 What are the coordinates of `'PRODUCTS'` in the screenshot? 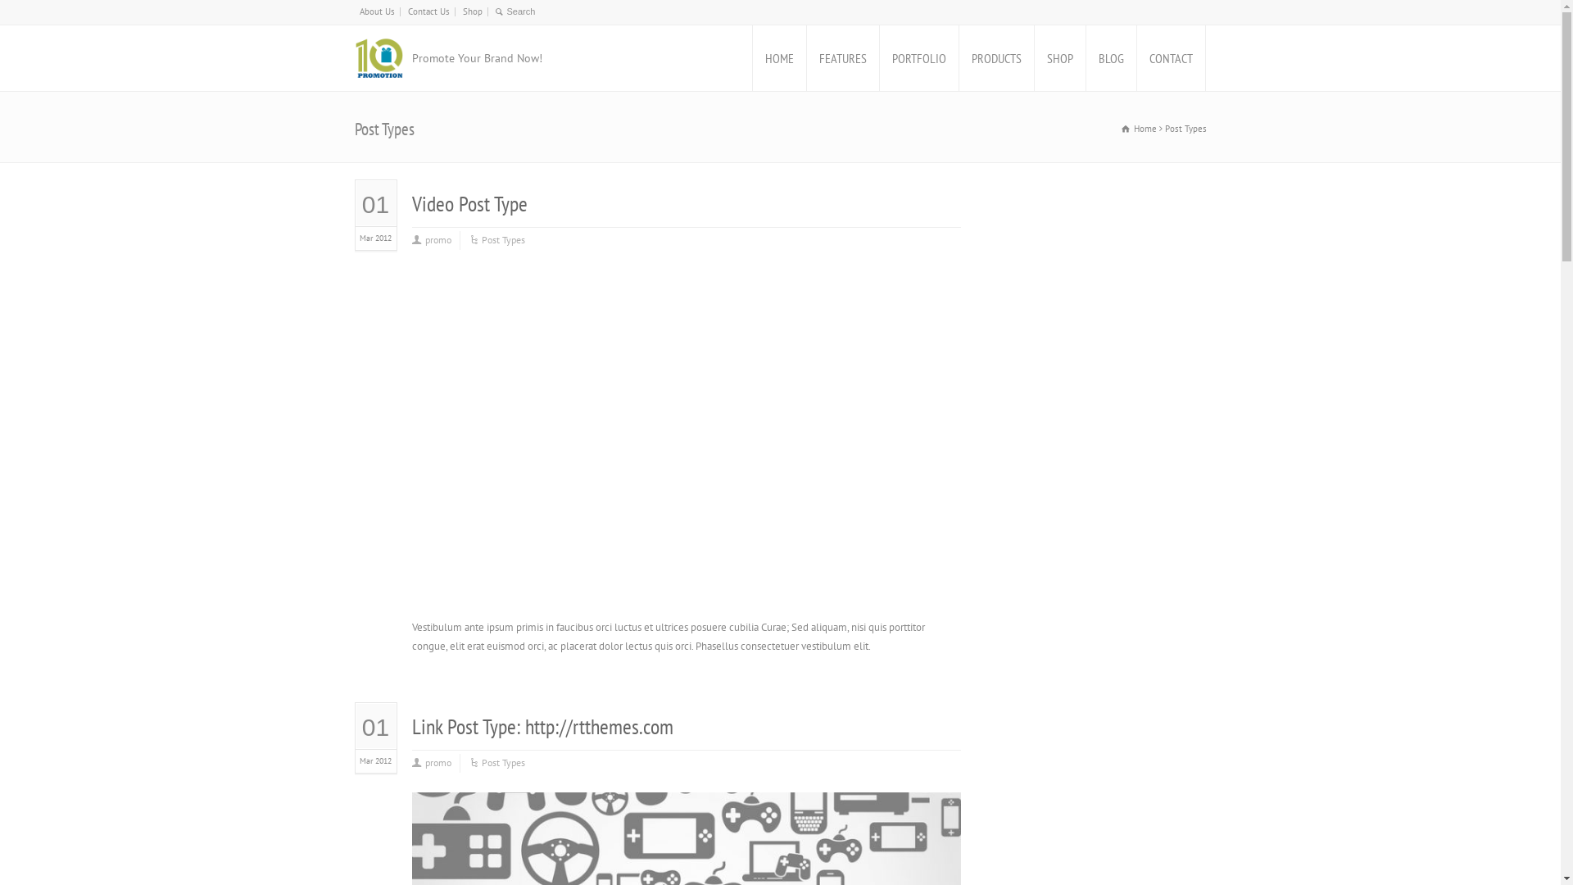 It's located at (995, 57).